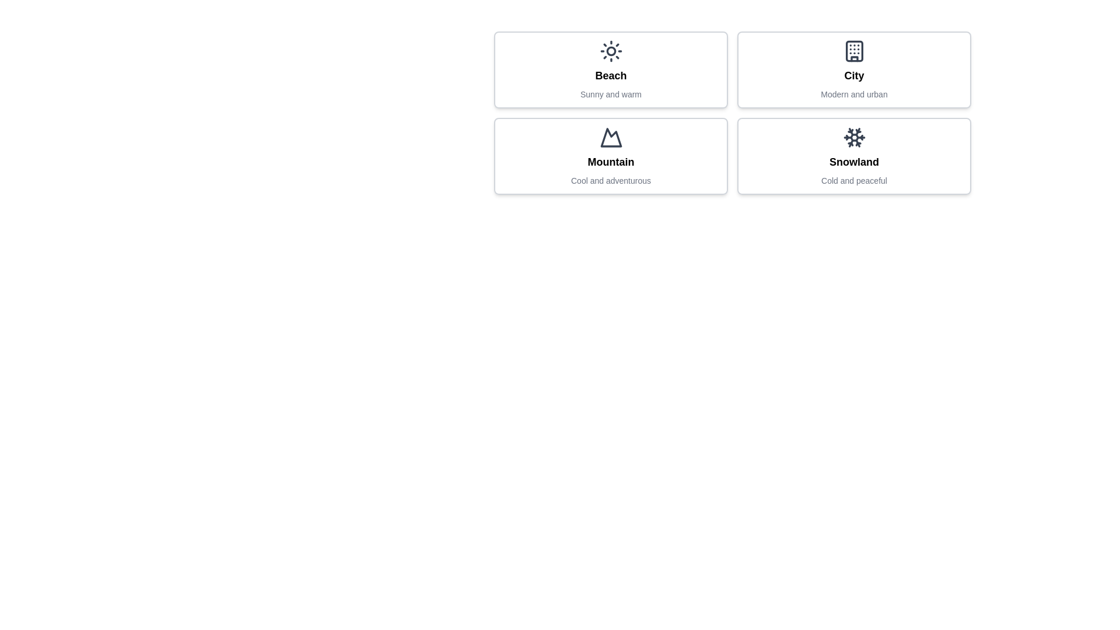 This screenshot has height=630, width=1120. Describe the element at coordinates (854, 136) in the screenshot. I see `the snowflake icon at the top center of the 'Snowland' card` at that location.